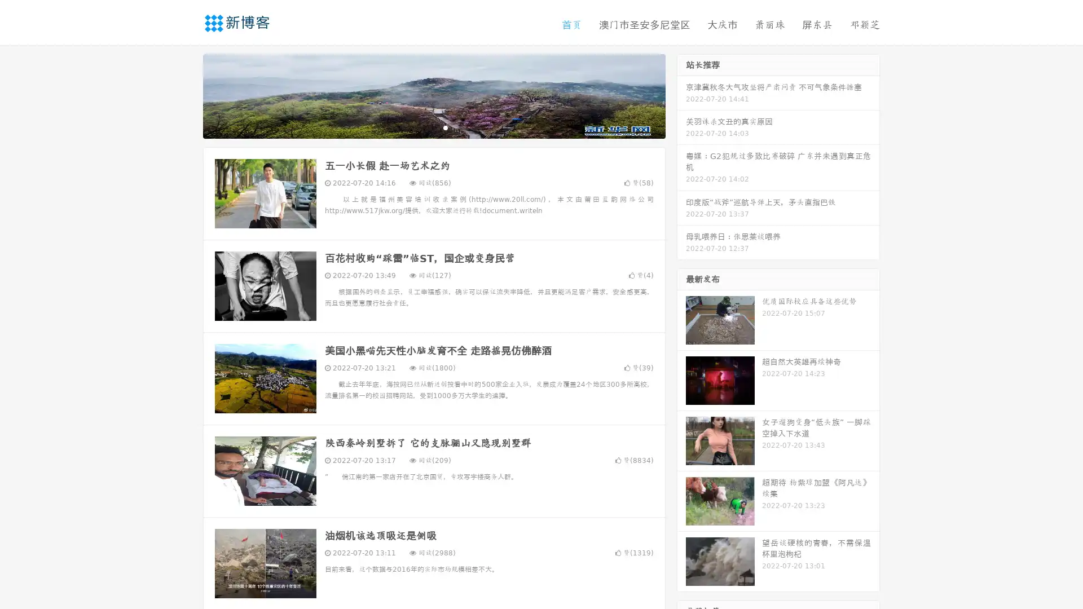  Describe the element at coordinates (445, 127) in the screenshot. I see `Go to slide 3` at that location.